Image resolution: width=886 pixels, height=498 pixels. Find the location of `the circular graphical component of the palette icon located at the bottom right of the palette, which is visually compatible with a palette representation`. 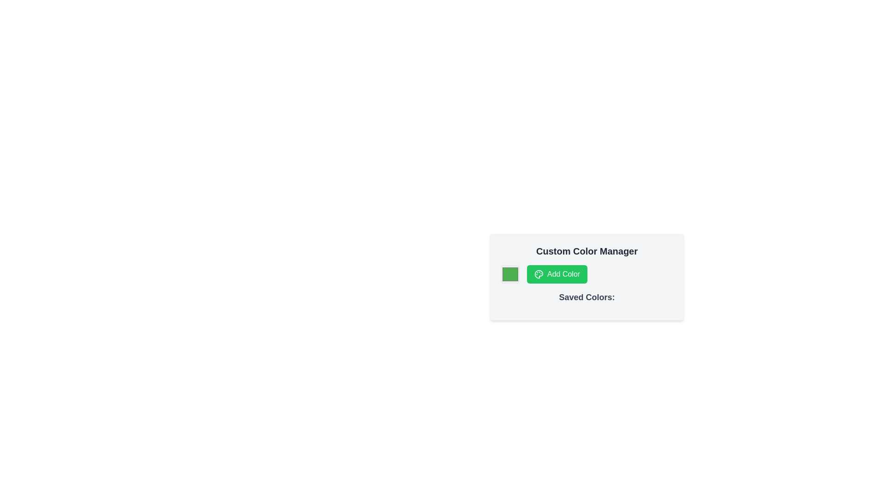

the circular graphical component of the palette icon located at the bottom right of the palette, which is visually compatible with a palette representation is located at coordinates (539, 273).